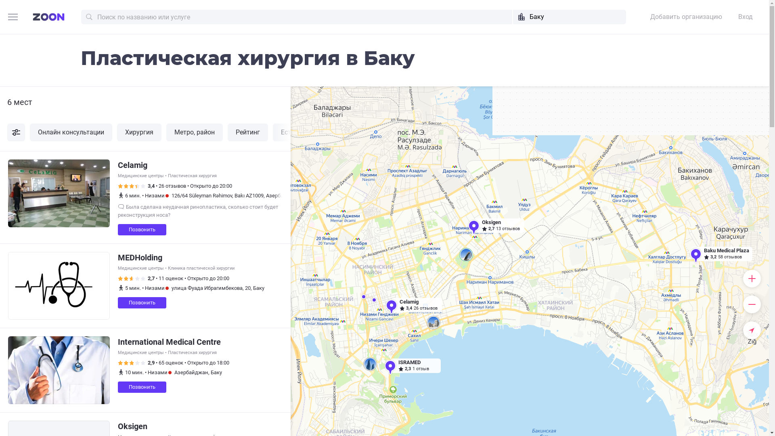  What do you see at coordinates (140, 257) in the screenshot?
I see `'MEDHolding'` at bounding box center [140, 257].